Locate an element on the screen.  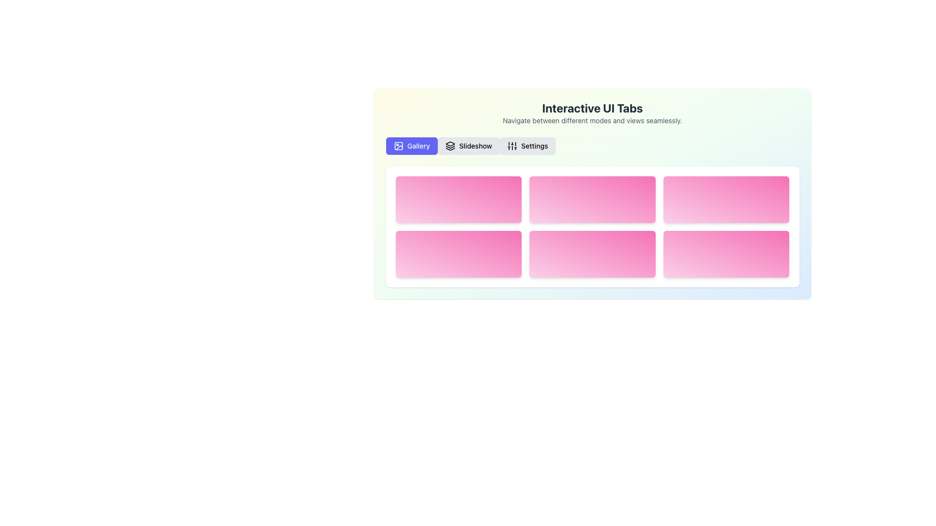
the Settings tab located in the upper section of the interface, following the Gallery and Slideshow tabs is located at coordinates (534, 146).